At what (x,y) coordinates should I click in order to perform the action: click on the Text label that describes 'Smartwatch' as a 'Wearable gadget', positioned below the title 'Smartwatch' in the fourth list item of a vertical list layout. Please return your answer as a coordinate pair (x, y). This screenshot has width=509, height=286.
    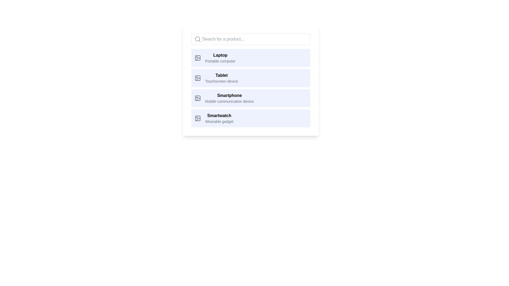
    Looking at the image, I should click on (219, 122).